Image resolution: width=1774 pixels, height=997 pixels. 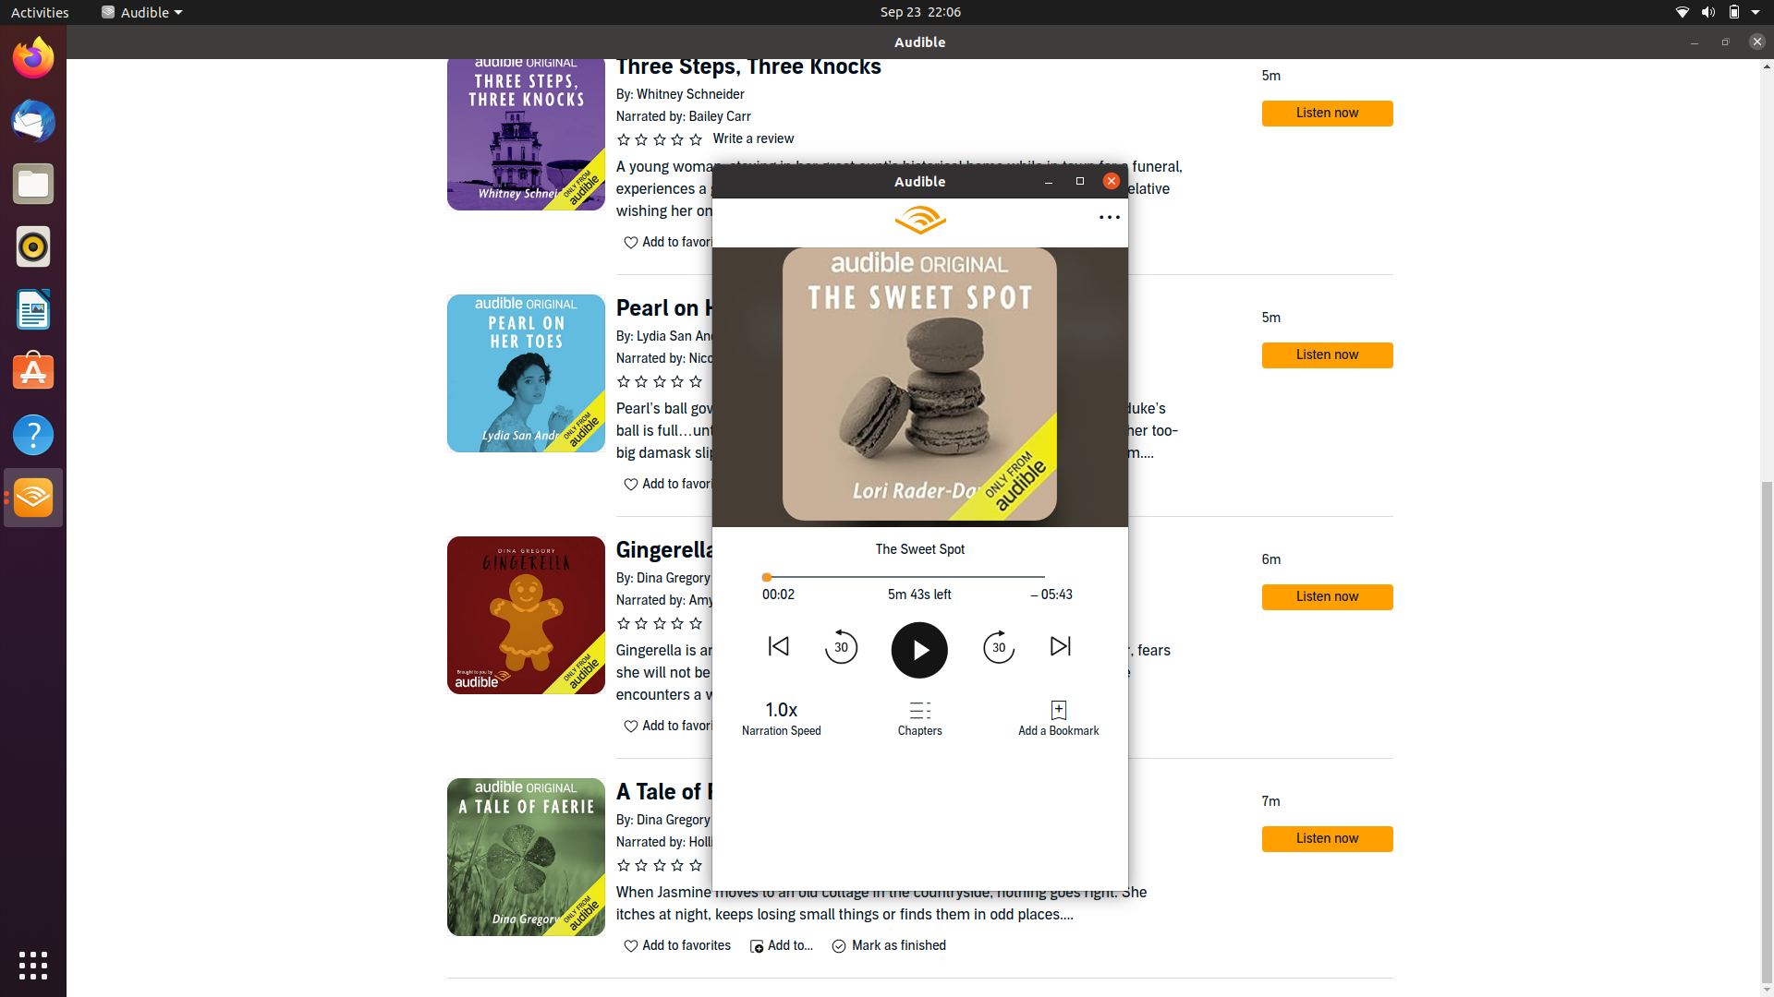 I want to click on Close book, so click(x=1111, y=181).